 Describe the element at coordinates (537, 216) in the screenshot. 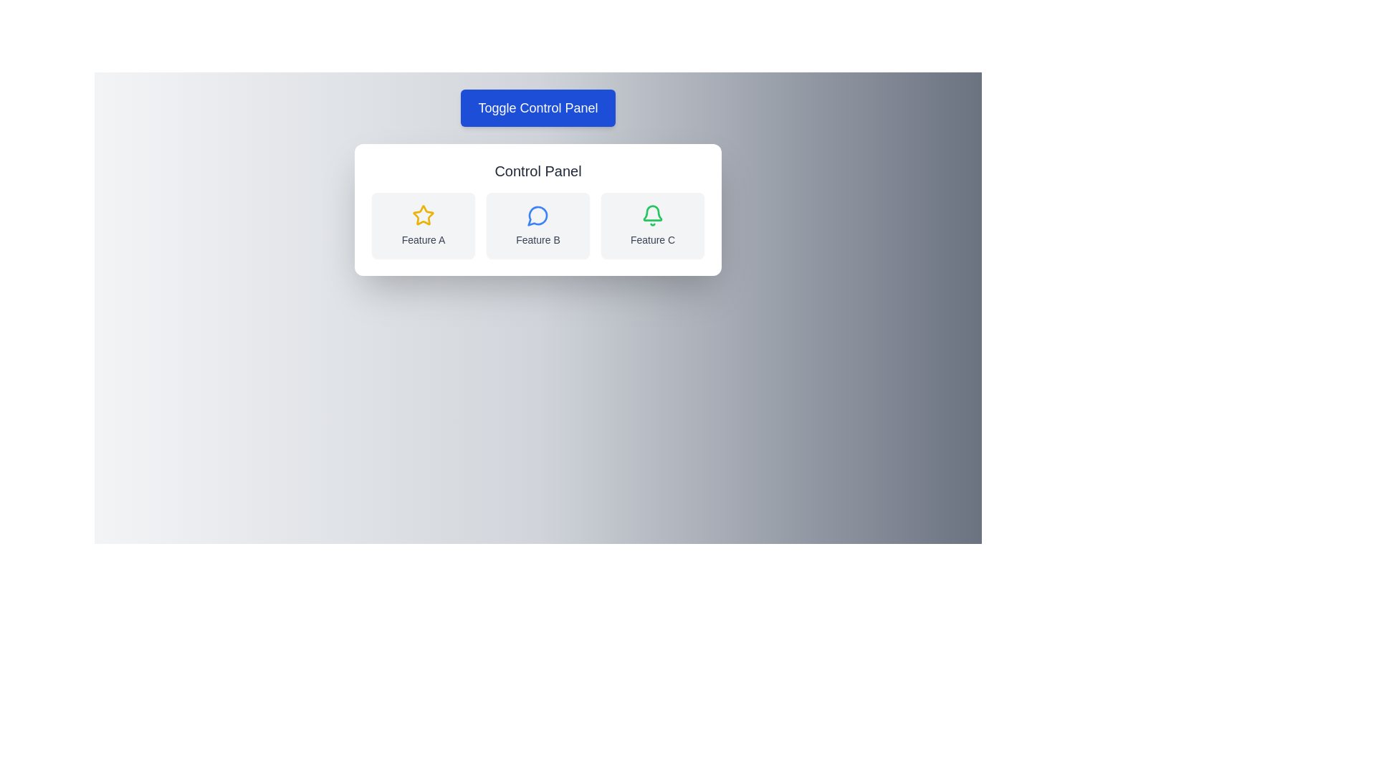

I see `the SVG icon representing a message balloon, which is the middle icon in a group of three icons located in the central panel of a card layout` at that location.